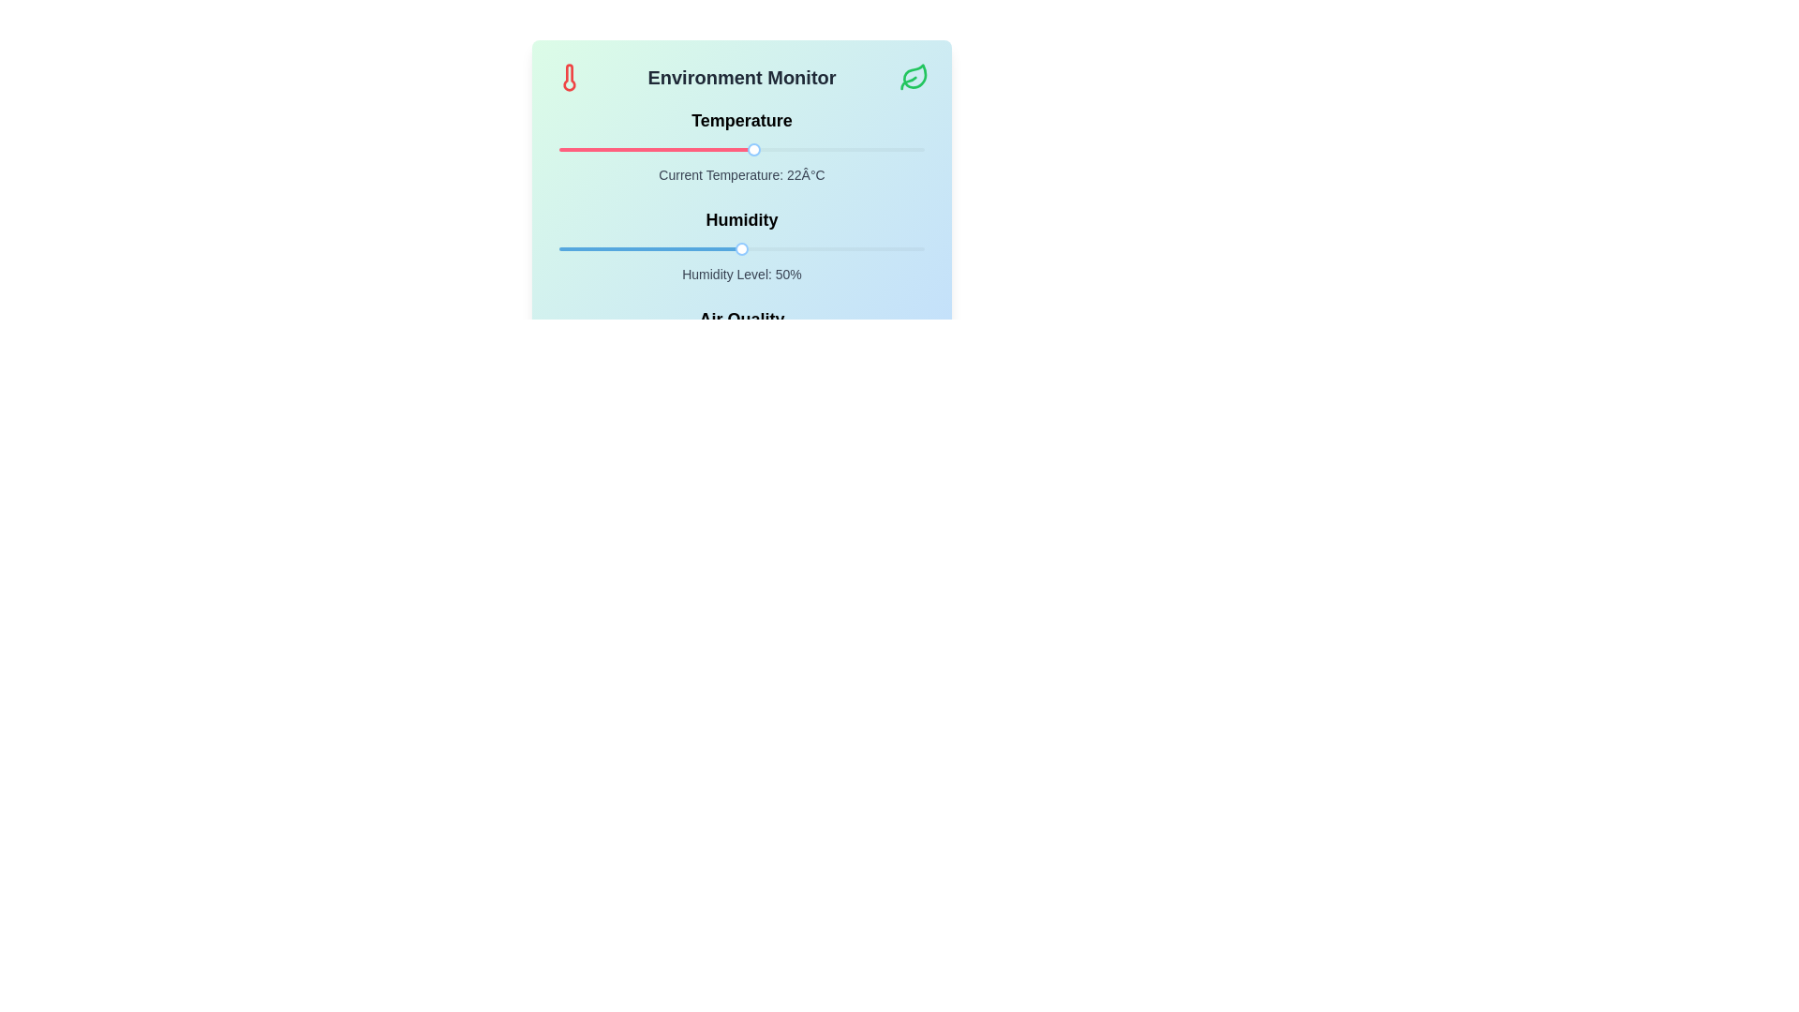  Describe the element at coordinates (741, 148) in the screenshot. I see `the horizontal slider with a red track and a white circular handle under the 'Temperature' label` at that location.